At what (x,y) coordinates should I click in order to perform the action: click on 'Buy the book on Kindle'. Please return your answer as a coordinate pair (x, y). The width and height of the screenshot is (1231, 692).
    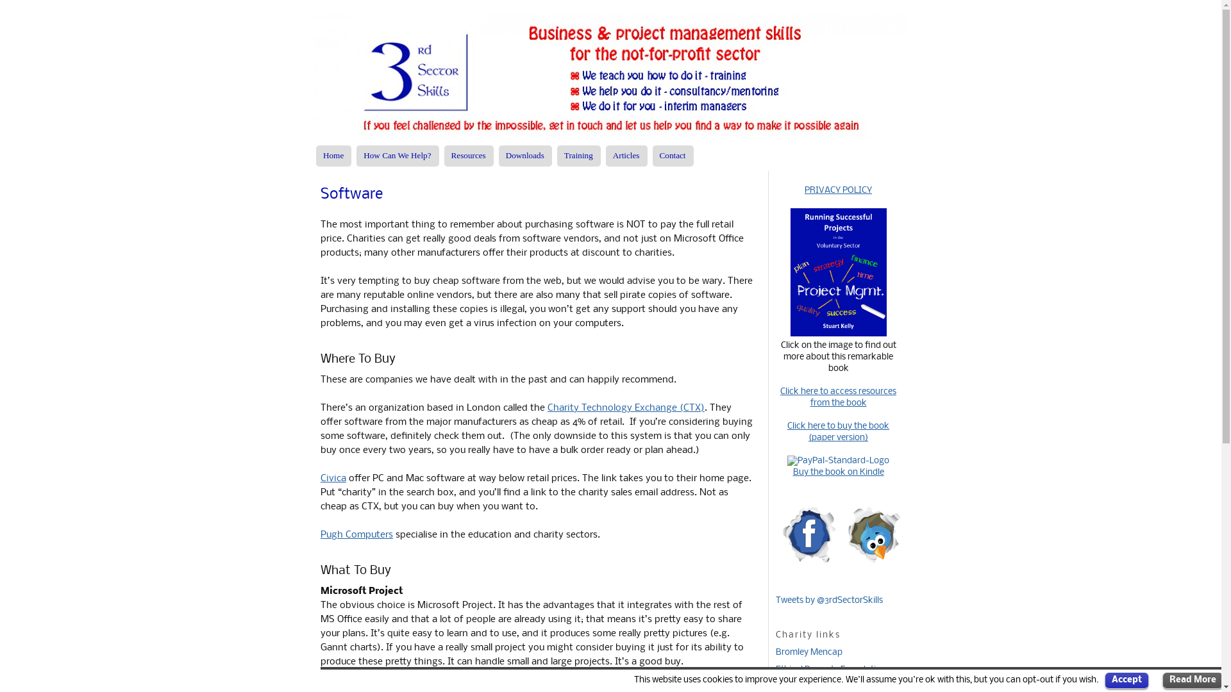
    Looking at the image, I should click on (837, 472).